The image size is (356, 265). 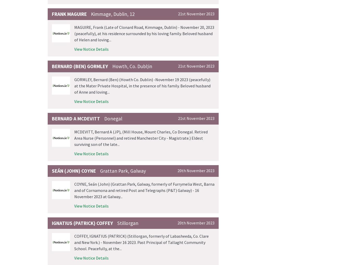 What do you see at coordinates (82, 222) in the screenshot?
I see `'IGNATIUS (PATRICK) Coffey'` at bounding box center [82, 222].